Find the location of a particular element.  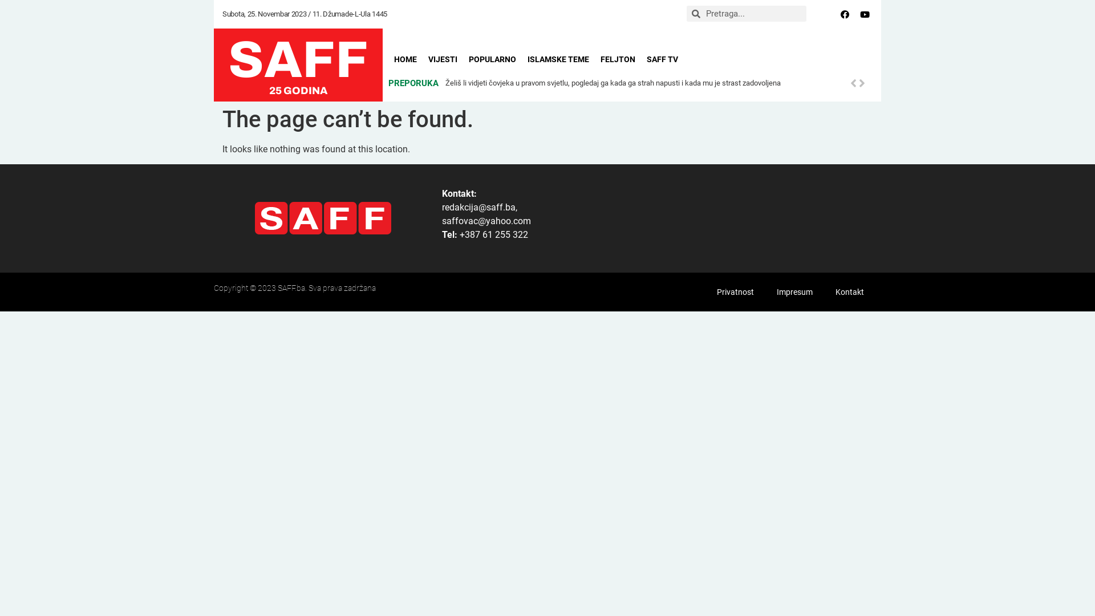

'Privatnost' is located at coordinates (735, 291).